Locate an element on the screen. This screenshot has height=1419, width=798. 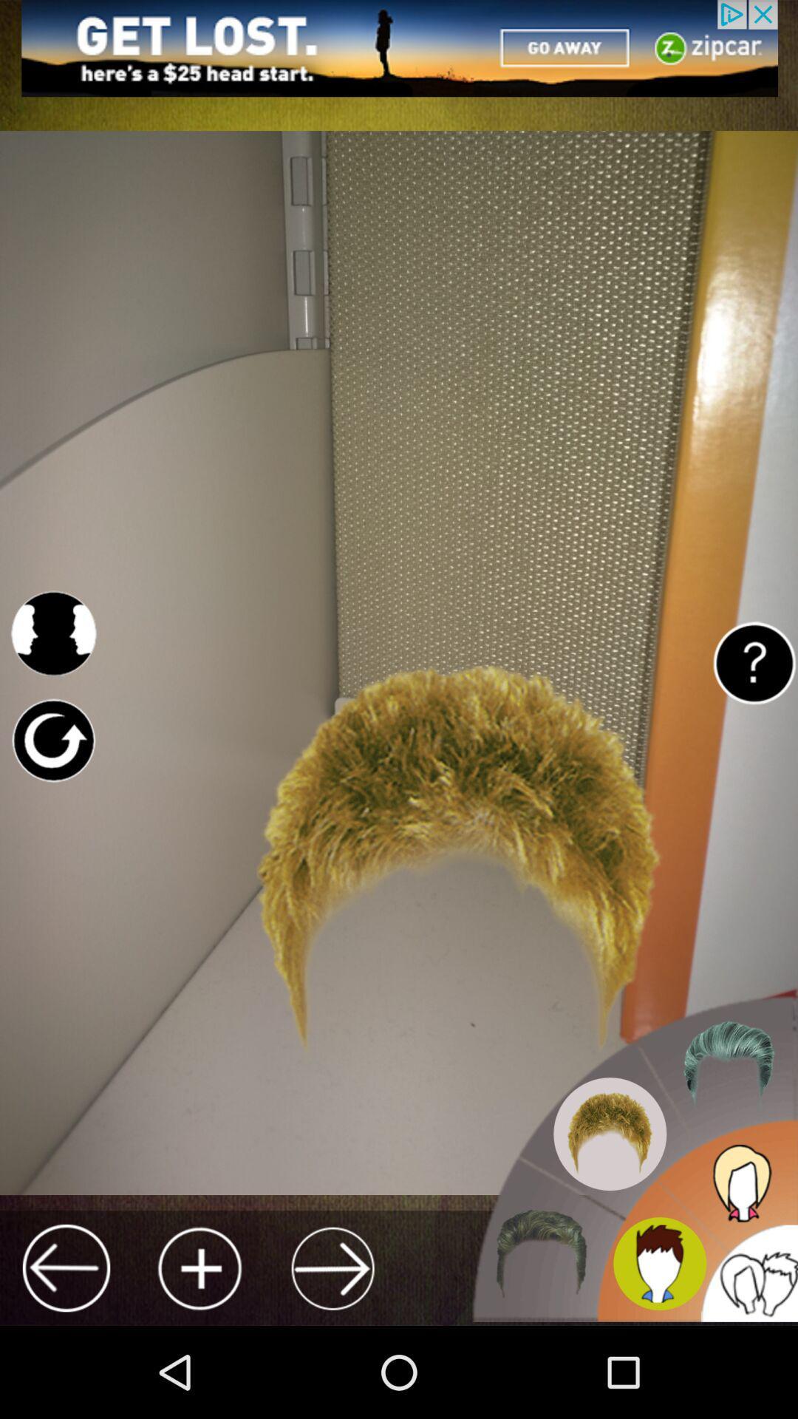
backword option is located at coordinates (65, 1267).